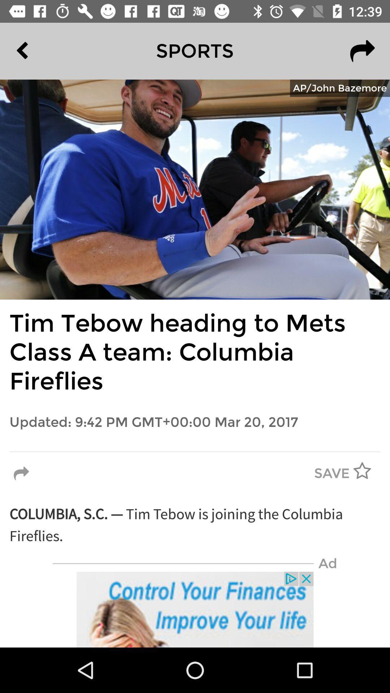 The image size is (390, 693). What do you see at coordinates (362, 51) in the screenshot?
I see `the redo icon` at bounding box center [362, 51].